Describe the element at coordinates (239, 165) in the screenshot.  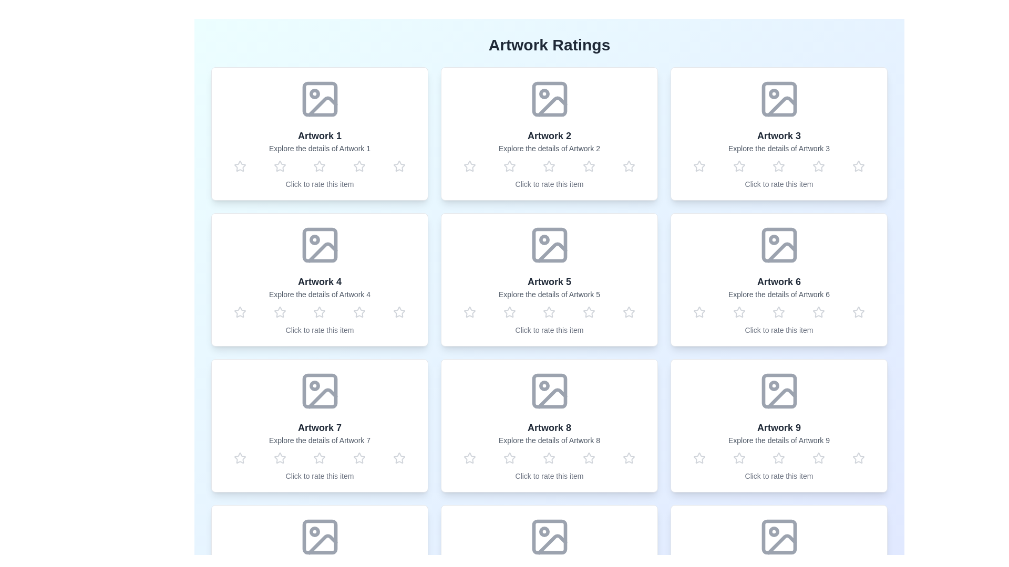
I see `the star corresponding to 1 to observe interaction feedback` at that location.